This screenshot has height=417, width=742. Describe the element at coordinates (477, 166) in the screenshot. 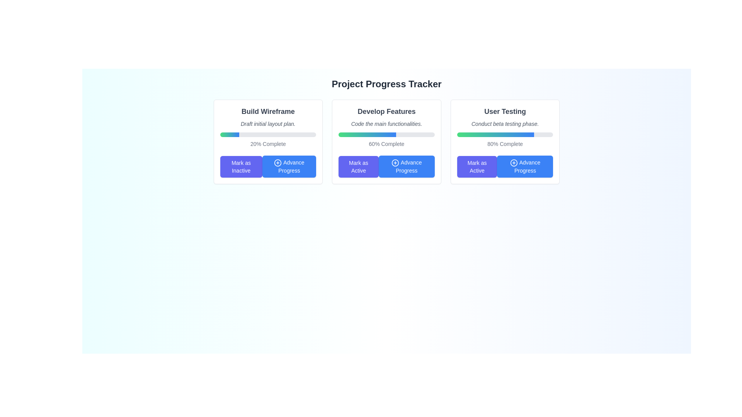

I see `the rounded rectangular button labeled 'Mark as Active'` at that location.